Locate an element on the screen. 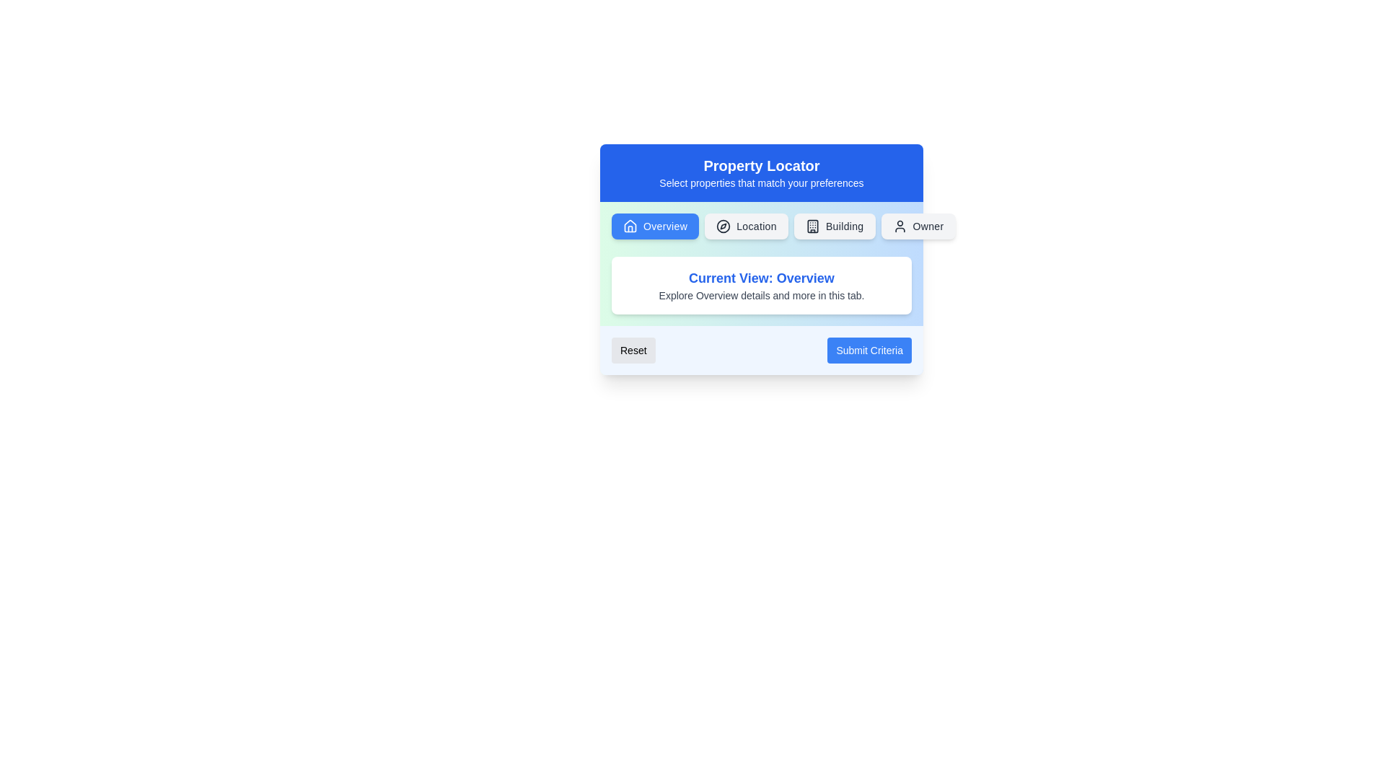 The width and height of the screenshot is (1385, 779). the decorative icon next to the 'Overview' button in the top-left area of the control panel is located at coordinates (630, 226).